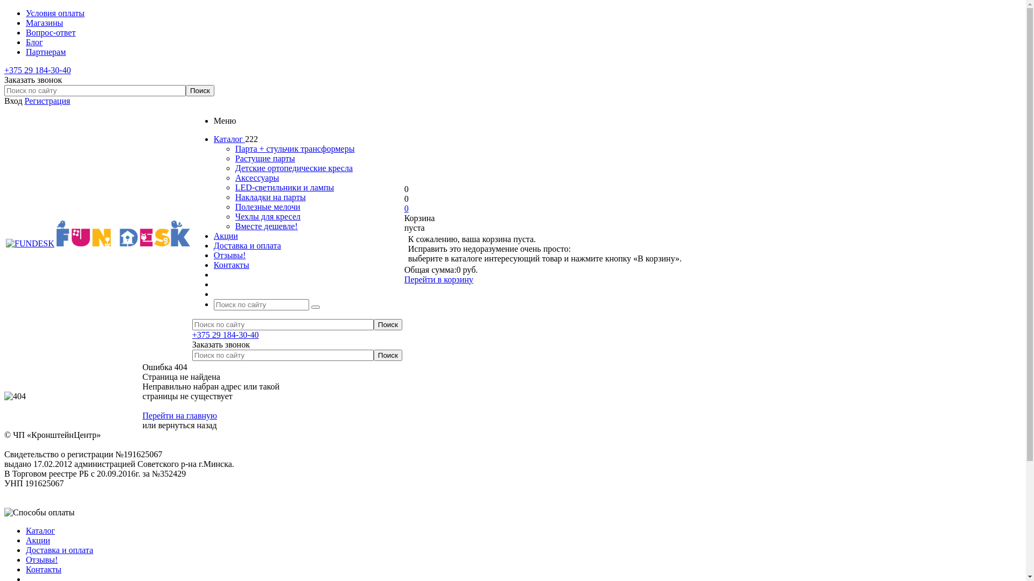  I want to click on '+375 29 184-30-40', so click(225, 334).